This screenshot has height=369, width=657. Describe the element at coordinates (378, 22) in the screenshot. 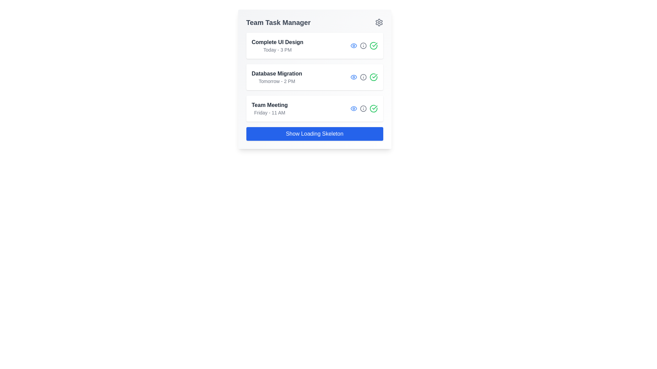

I see `the Settings cogwheel icon located in the top right corner of the 'Team Task Manager' panel` at that location.